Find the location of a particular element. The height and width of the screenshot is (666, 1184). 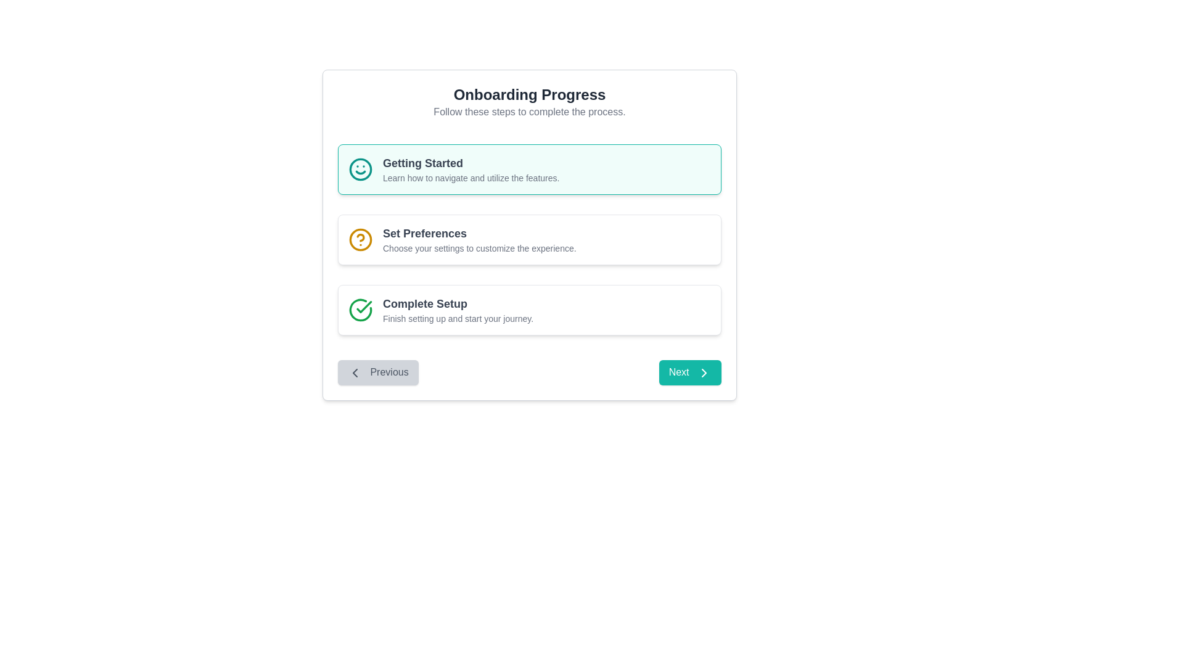

the instructional static text that states 'Follow these steps to complete the process.' which is styled in gray and positioned below the 'Onboarding Progress' heading is located at coordinates (530, 112).